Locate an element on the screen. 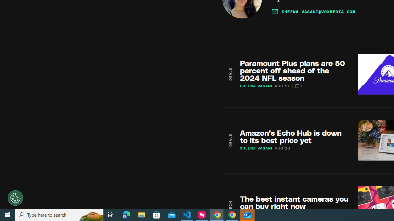 The image size is (394, 221). 'The best instant cameras you can buy right now' is located at coordinates (294, 202).